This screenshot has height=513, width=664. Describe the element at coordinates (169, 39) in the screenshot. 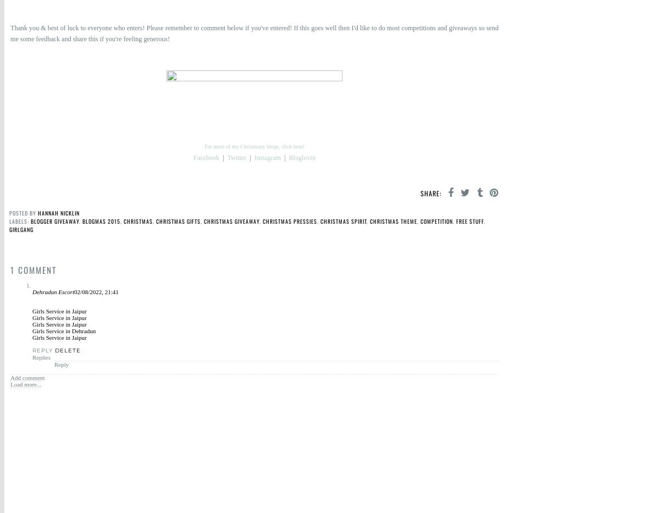

I see `'!'` at that location.